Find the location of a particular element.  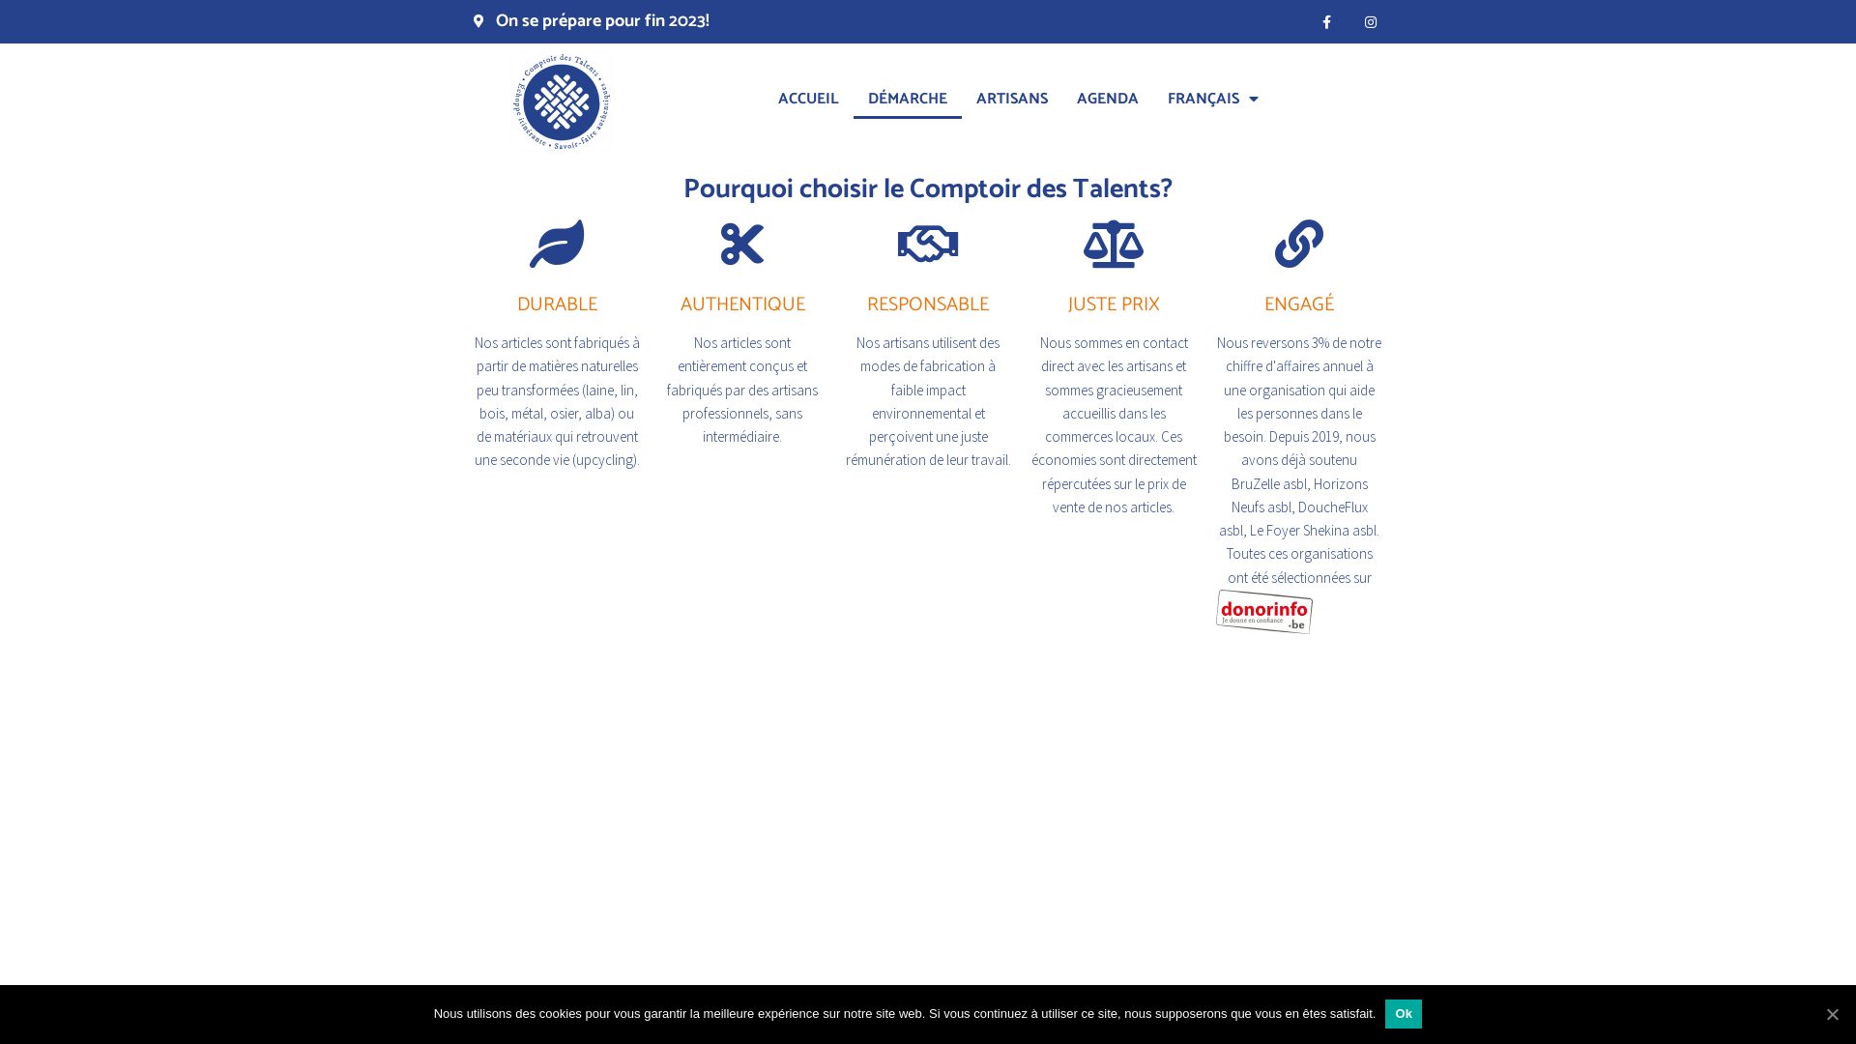

'comptoir-des-talents-400px-bg' is located at coordinates (560, 101).